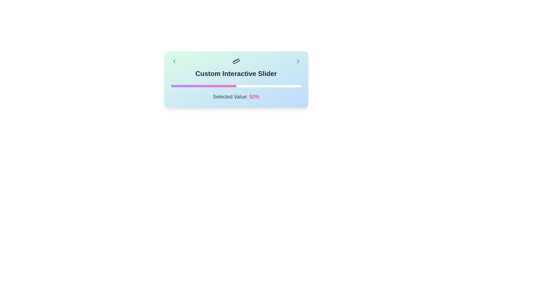 The height and width of the screenshot is (304, 540). I want to click on the slider value, so click(212, 86).